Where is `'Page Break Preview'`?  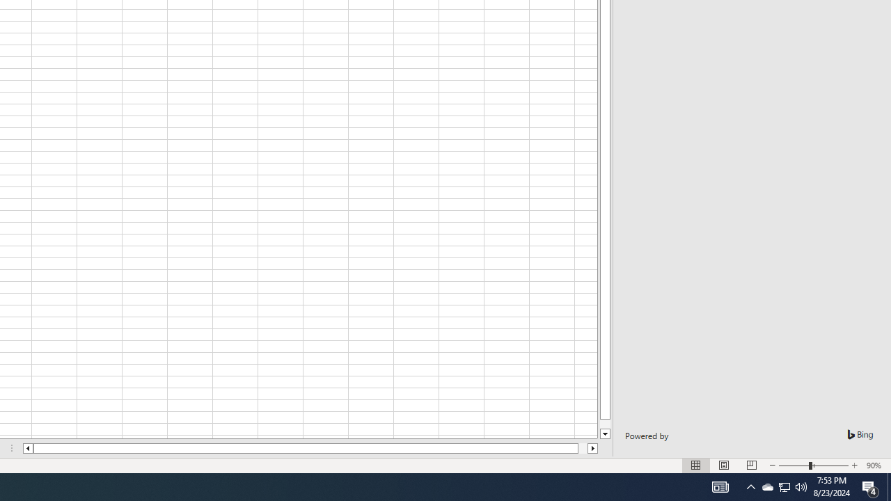 'Page Break Preview' is located at coordinates (750, 466).